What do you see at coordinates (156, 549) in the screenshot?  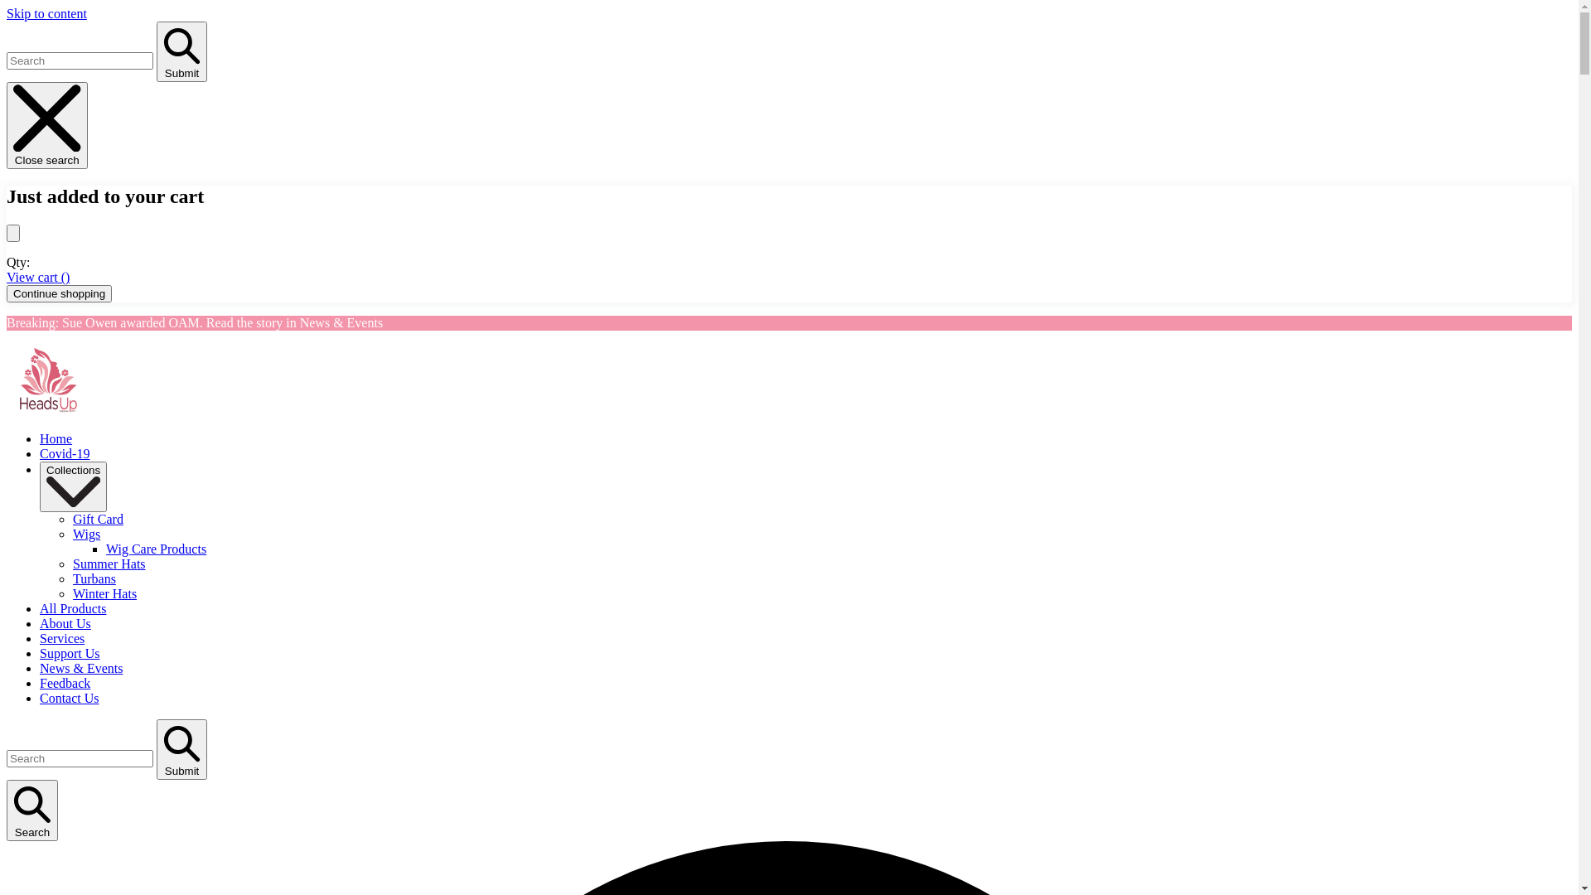 I see `'Wig Care Products'` at bounding box center [156, 549].